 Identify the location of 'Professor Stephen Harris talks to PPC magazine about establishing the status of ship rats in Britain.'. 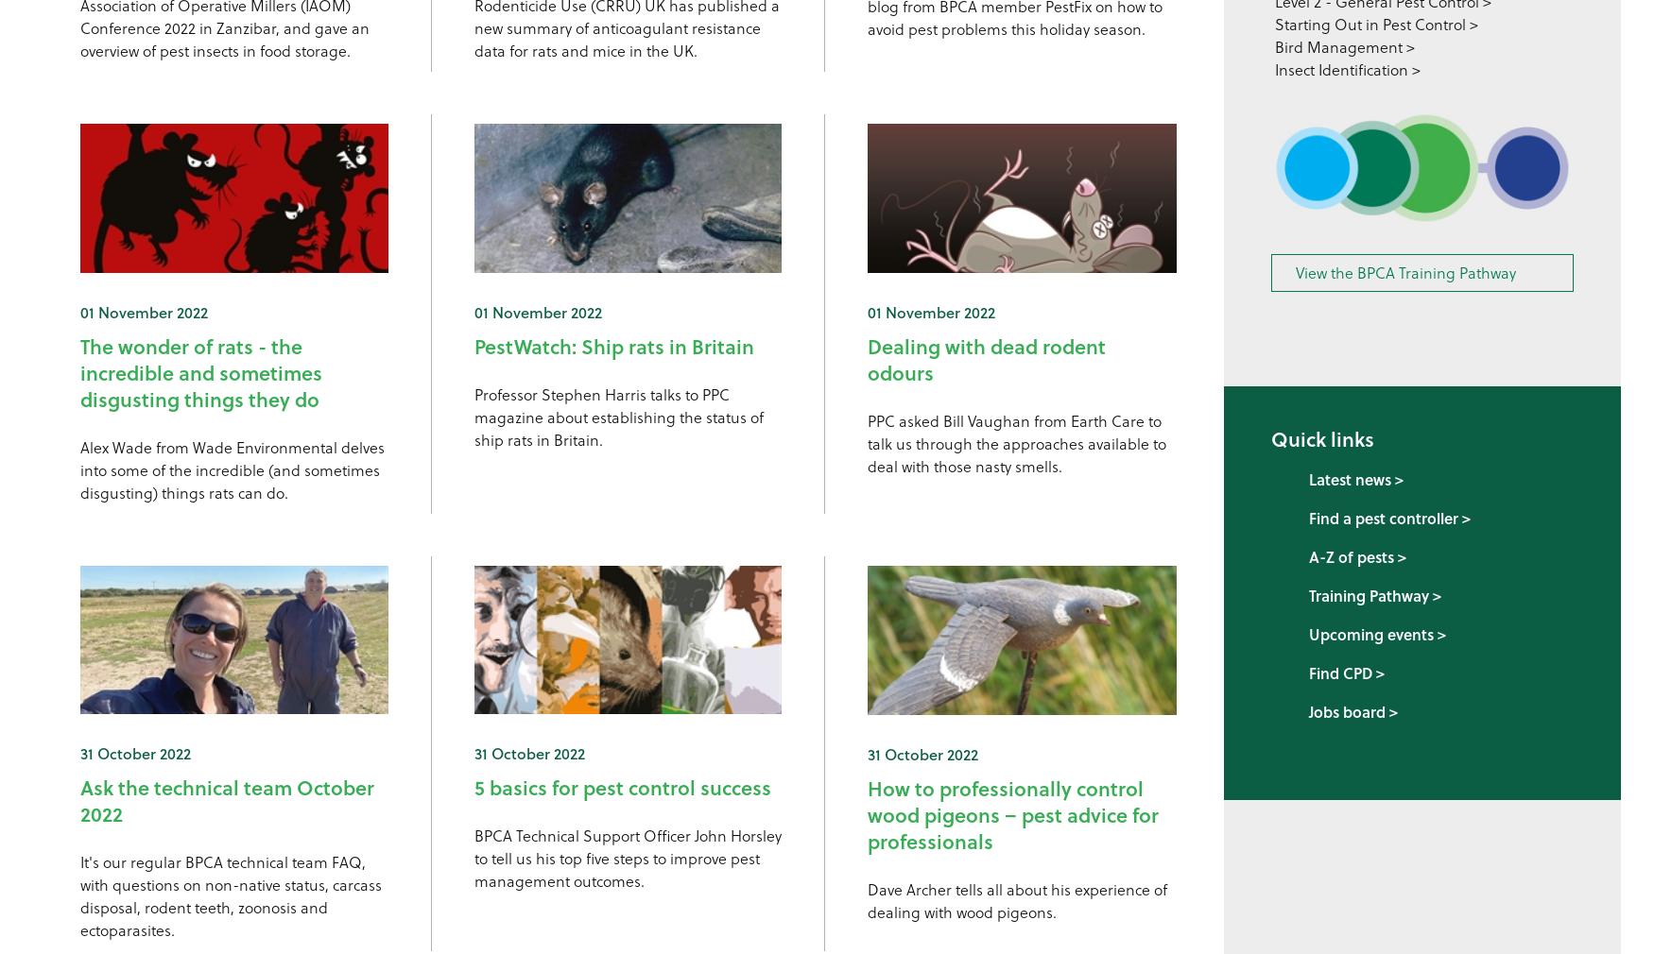
(616, 416).